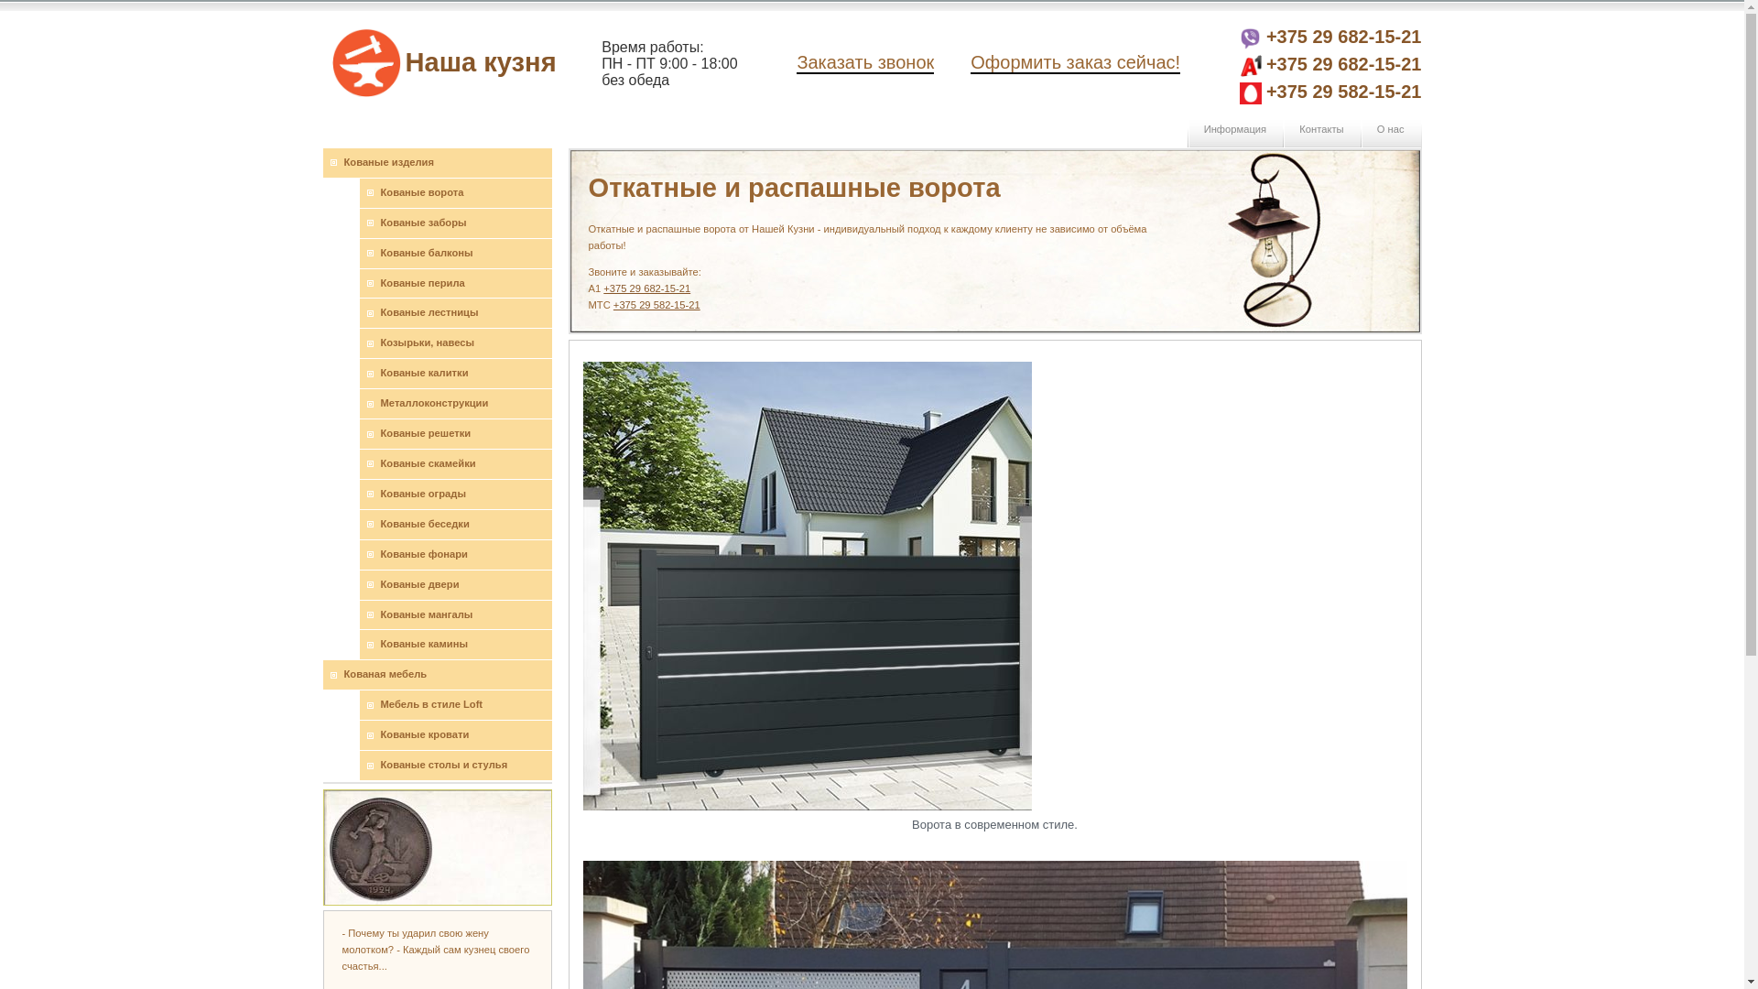  What do you see at coordinates (1344, 62) in the screenshot?
I see `'+375 29 682-15-21'` at bounding box center [1344, 62].